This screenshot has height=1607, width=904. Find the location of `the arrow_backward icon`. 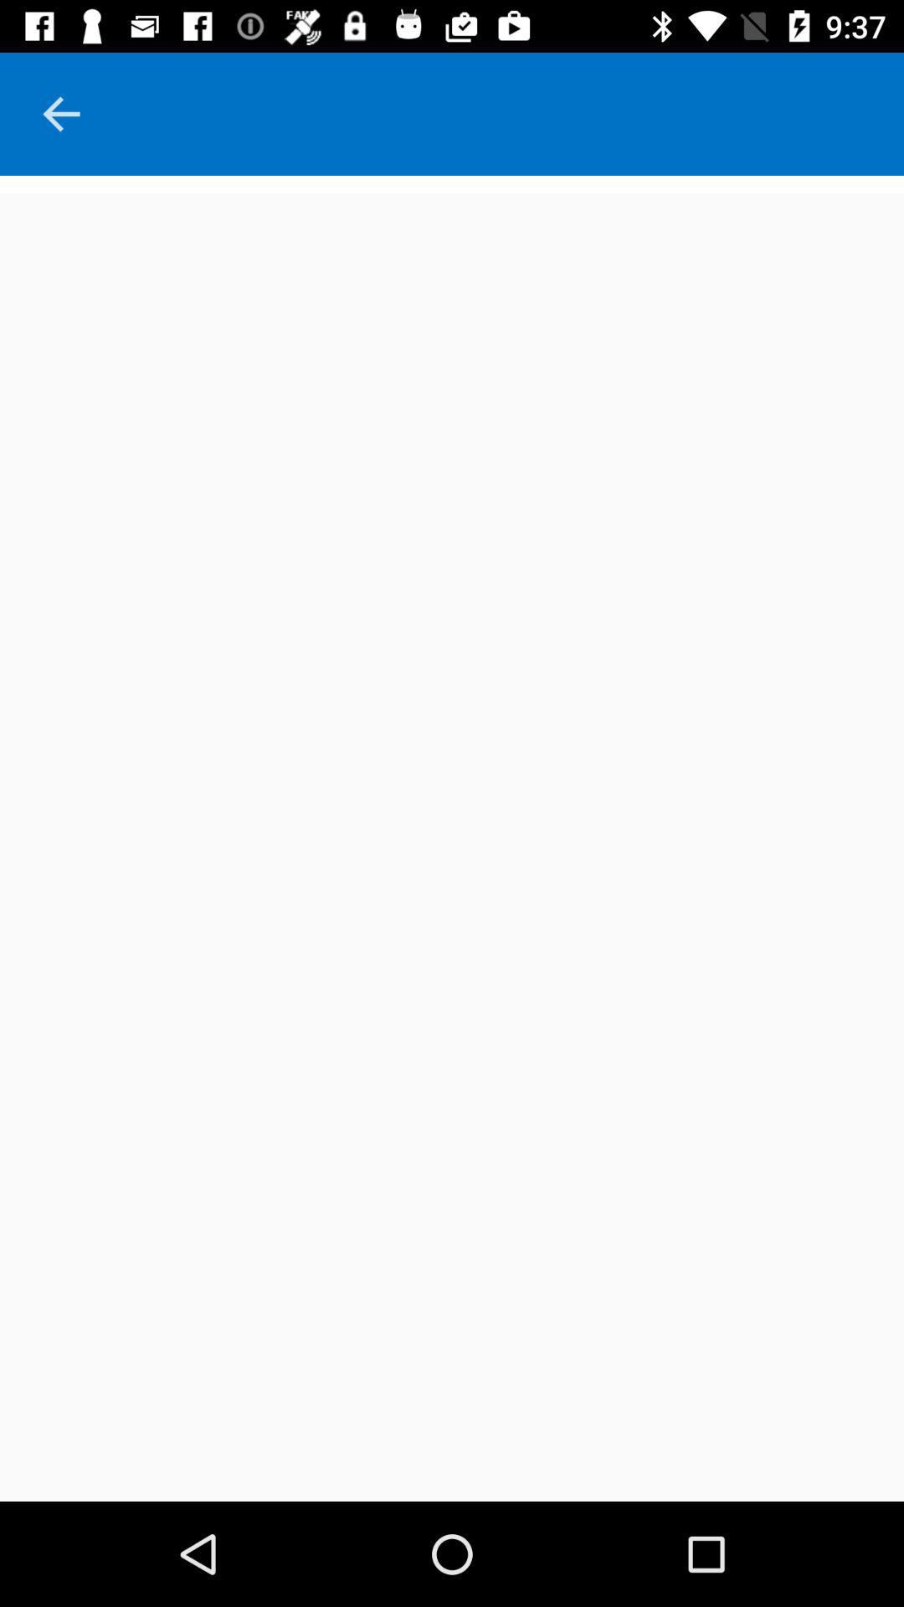

the arrow_backward icon is located at coordinates (60, 113).